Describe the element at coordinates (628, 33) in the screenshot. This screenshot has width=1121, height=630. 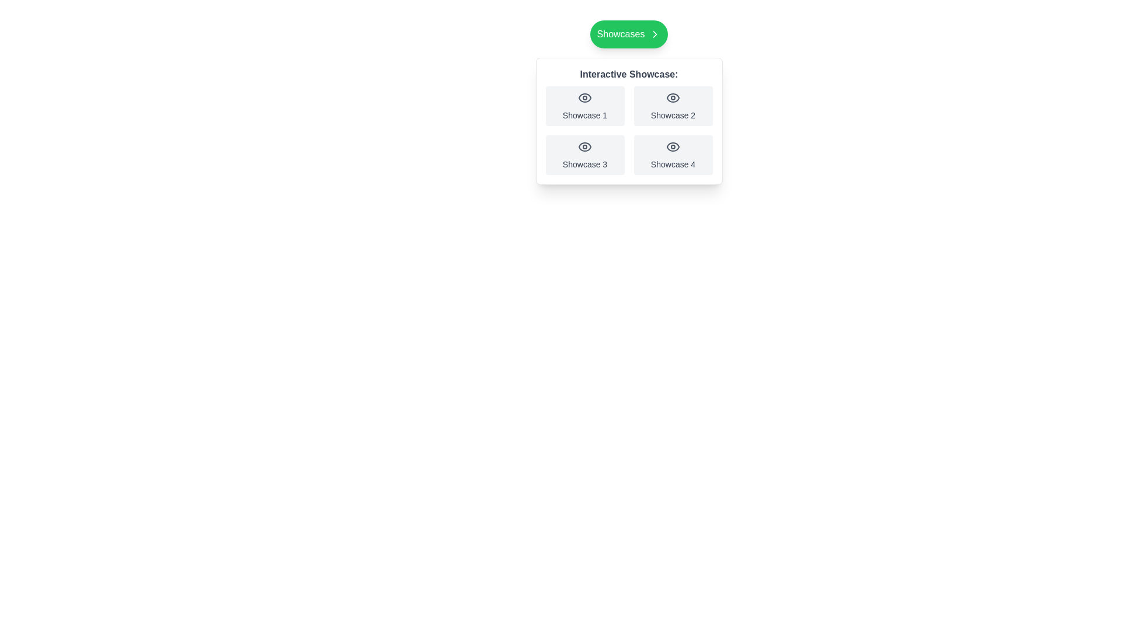
I see `the green rounded button labeled 'Showcases' to observe the hover effects` at that location.